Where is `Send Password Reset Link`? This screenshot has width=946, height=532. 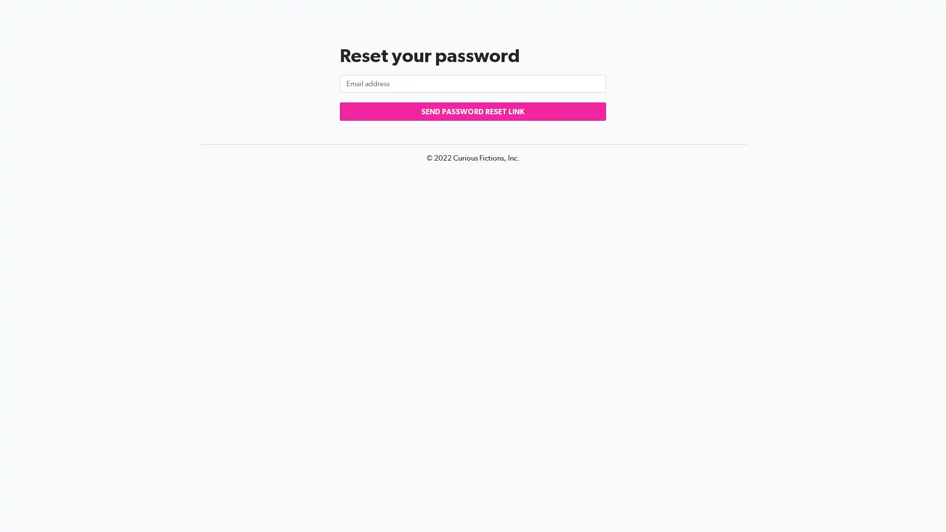
Send Password Reset Link is located at coordinates (473, 111).